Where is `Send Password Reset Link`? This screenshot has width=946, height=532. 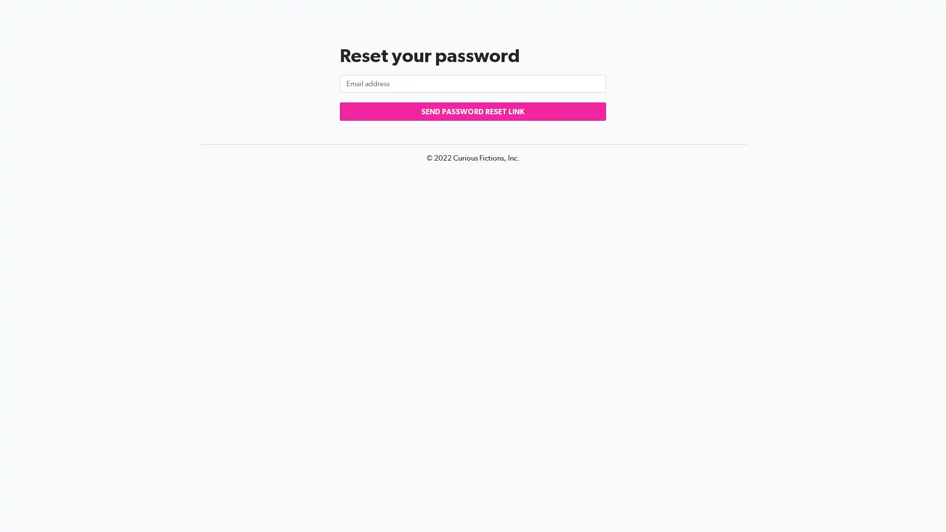
Send Password Reset Link is located at coordinates (473, 111).